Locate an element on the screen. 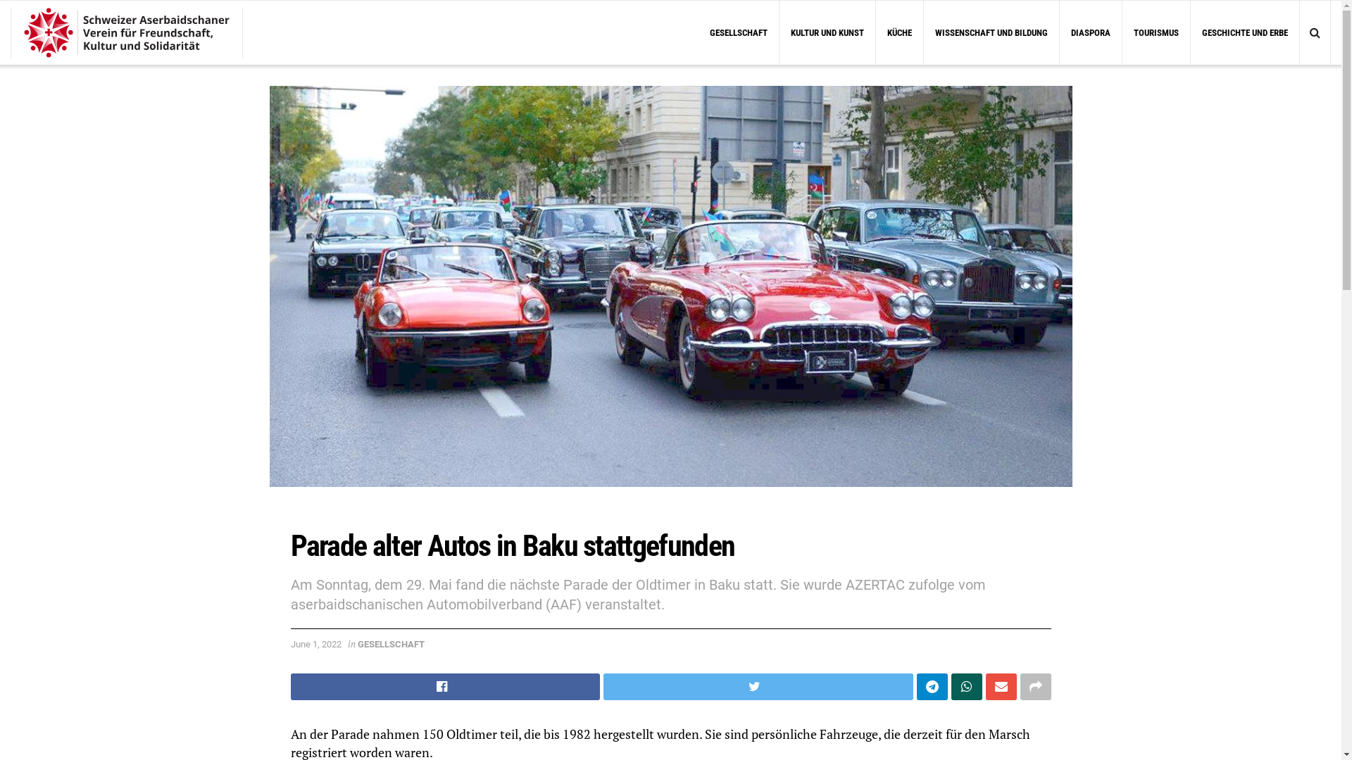 This screenshot has height=760, width=1352. 'GESELLSCHAFT' is located at coordinates (358, 644).